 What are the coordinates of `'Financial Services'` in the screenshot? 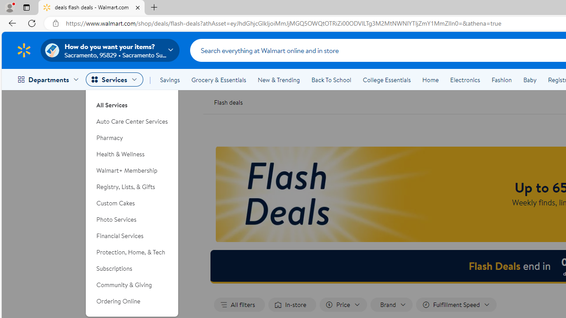 It's located at (132, 235).